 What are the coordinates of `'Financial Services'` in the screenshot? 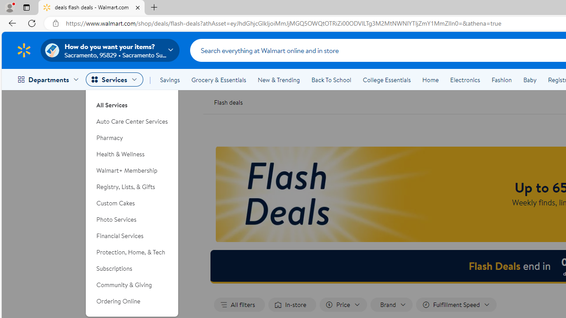 It's located at (132, 235).